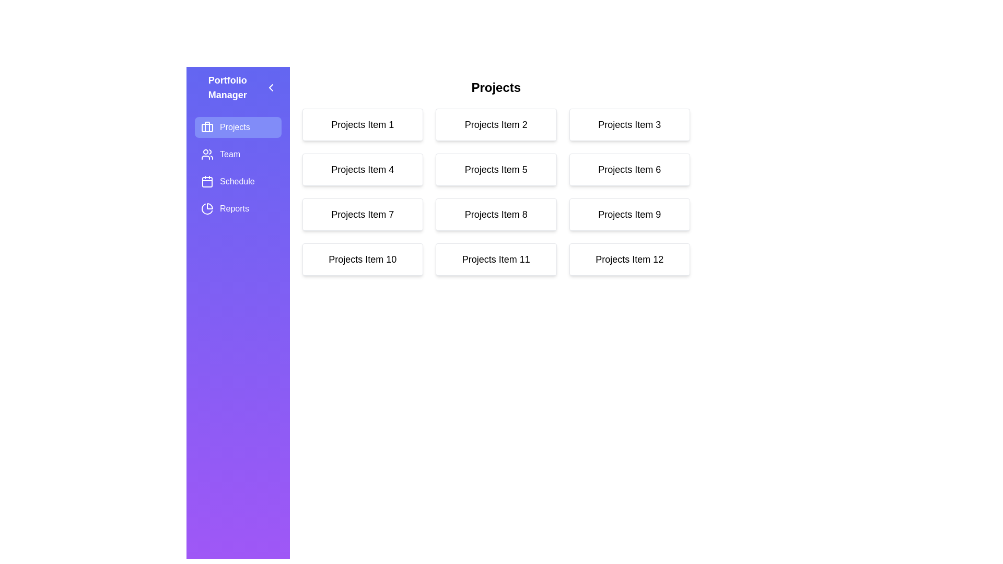  What do you see at coordinates (237, 126) in the screenshot?
I see `the sidebar module Projects to navigate to it` at bounding box center [237, 126].